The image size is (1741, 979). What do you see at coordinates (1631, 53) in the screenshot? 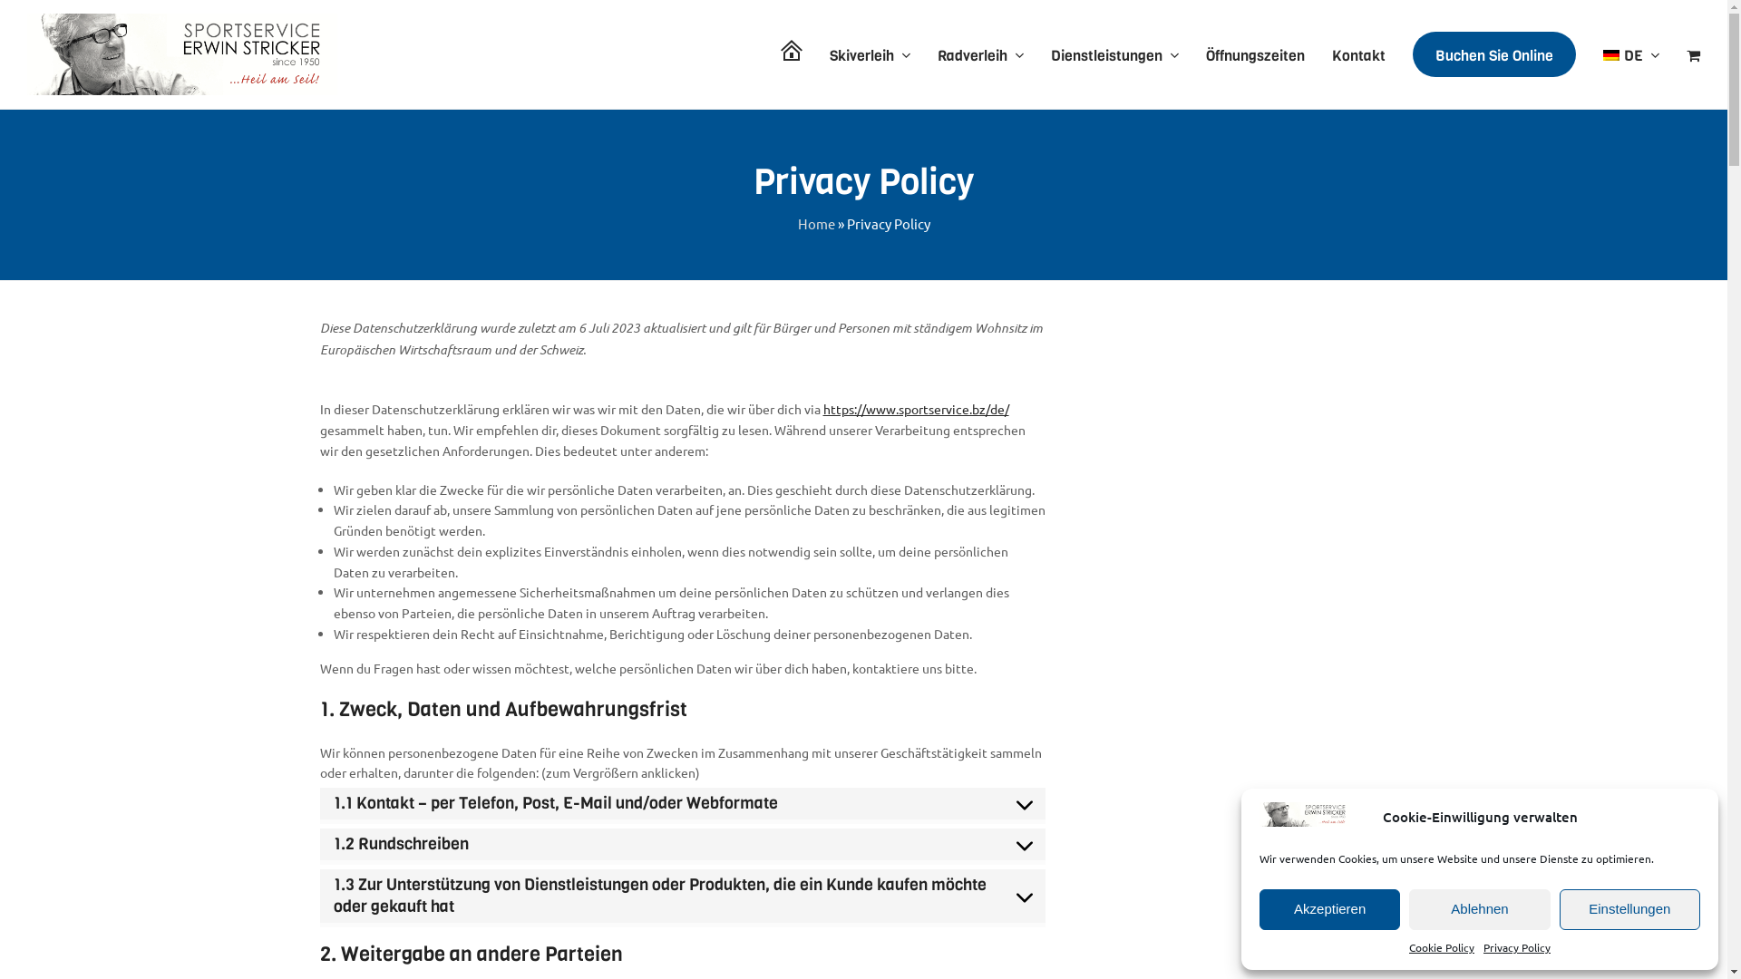
I see `'DE'` at bounding box center [1631, 53].